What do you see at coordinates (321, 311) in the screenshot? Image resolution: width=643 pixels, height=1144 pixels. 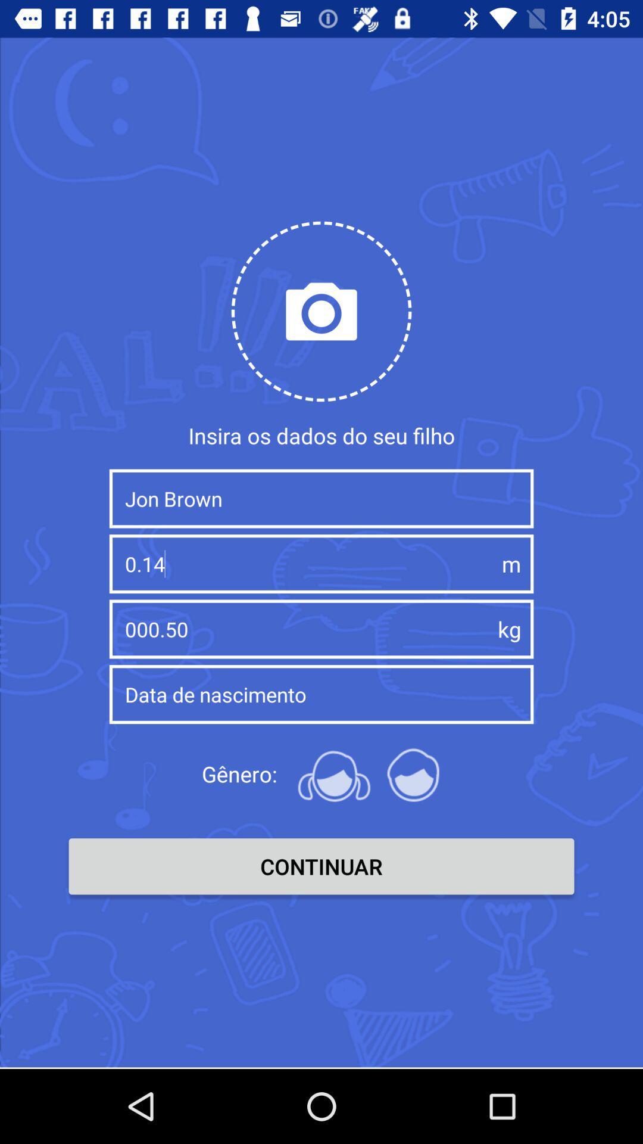 I see `camera` at bounding box center [321, 311].